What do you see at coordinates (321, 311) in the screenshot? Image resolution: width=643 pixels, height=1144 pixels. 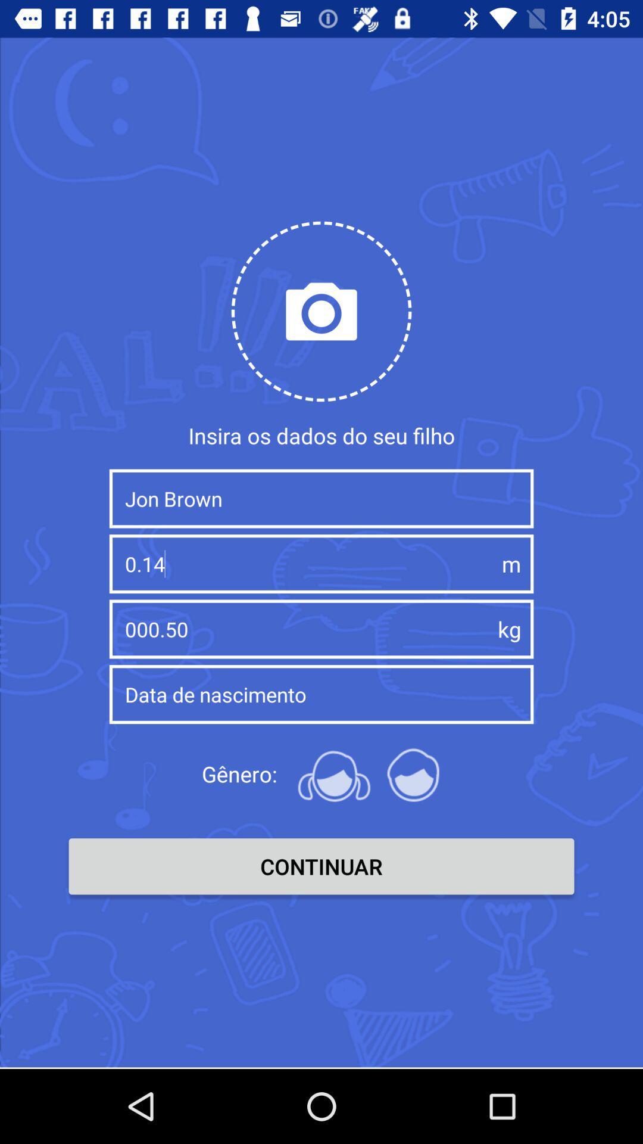 I see `camera` at bounding box center [321, 311].